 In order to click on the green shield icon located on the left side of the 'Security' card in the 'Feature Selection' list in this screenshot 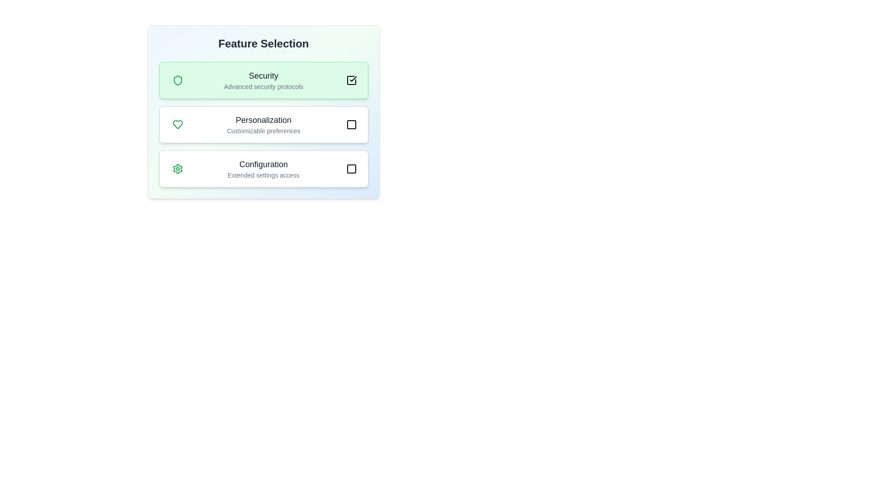, I will do `click(177, 80)`.